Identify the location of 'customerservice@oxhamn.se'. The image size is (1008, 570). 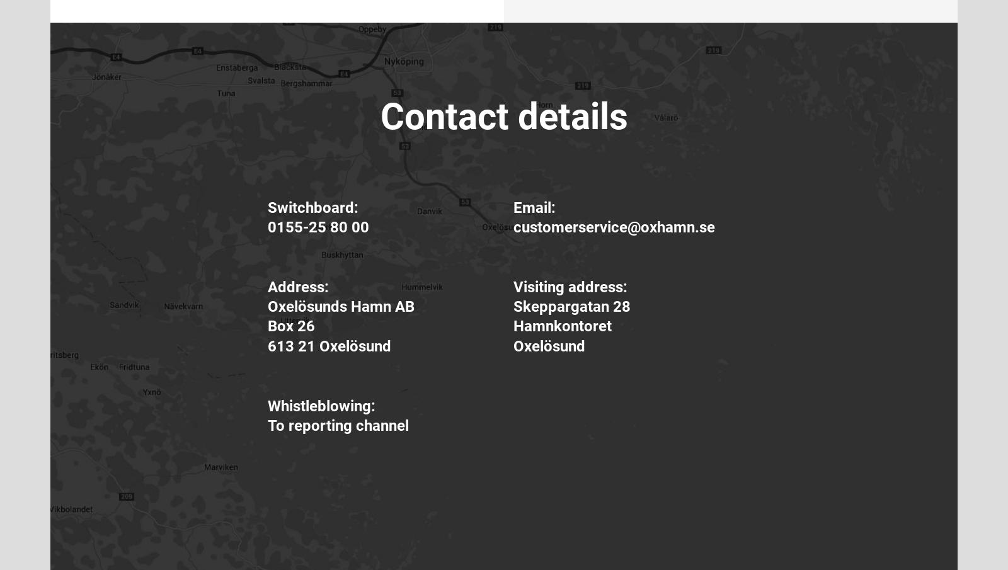
(614, 227).